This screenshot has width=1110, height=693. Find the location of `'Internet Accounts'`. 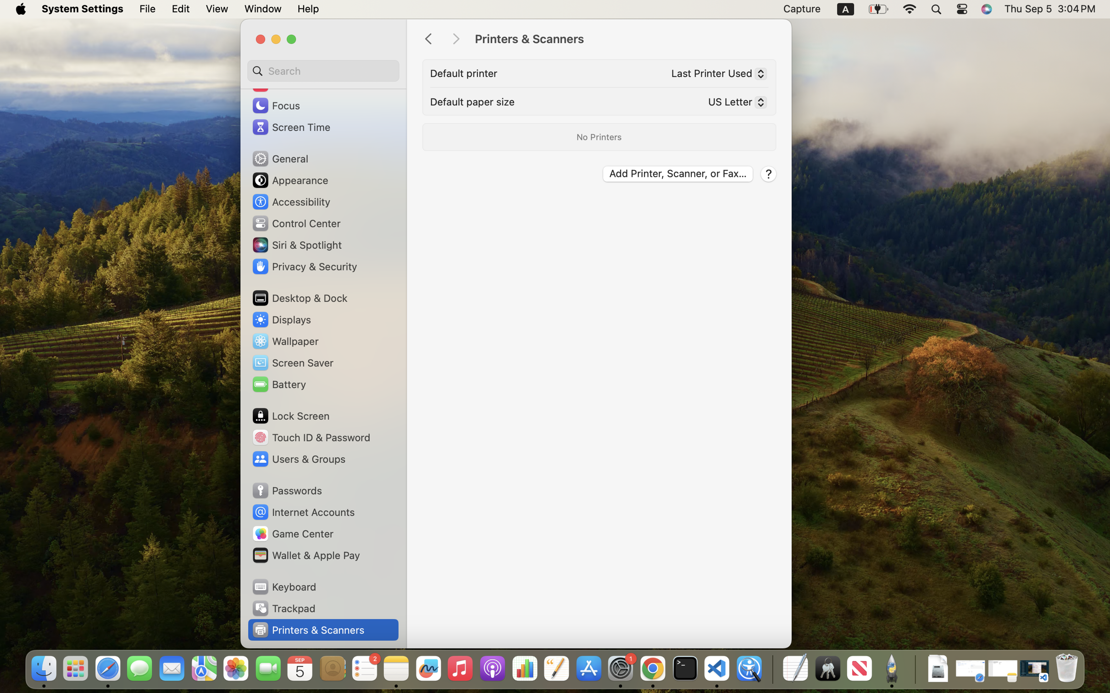

'Internet Accounts' is located at coordinates (303, 512).